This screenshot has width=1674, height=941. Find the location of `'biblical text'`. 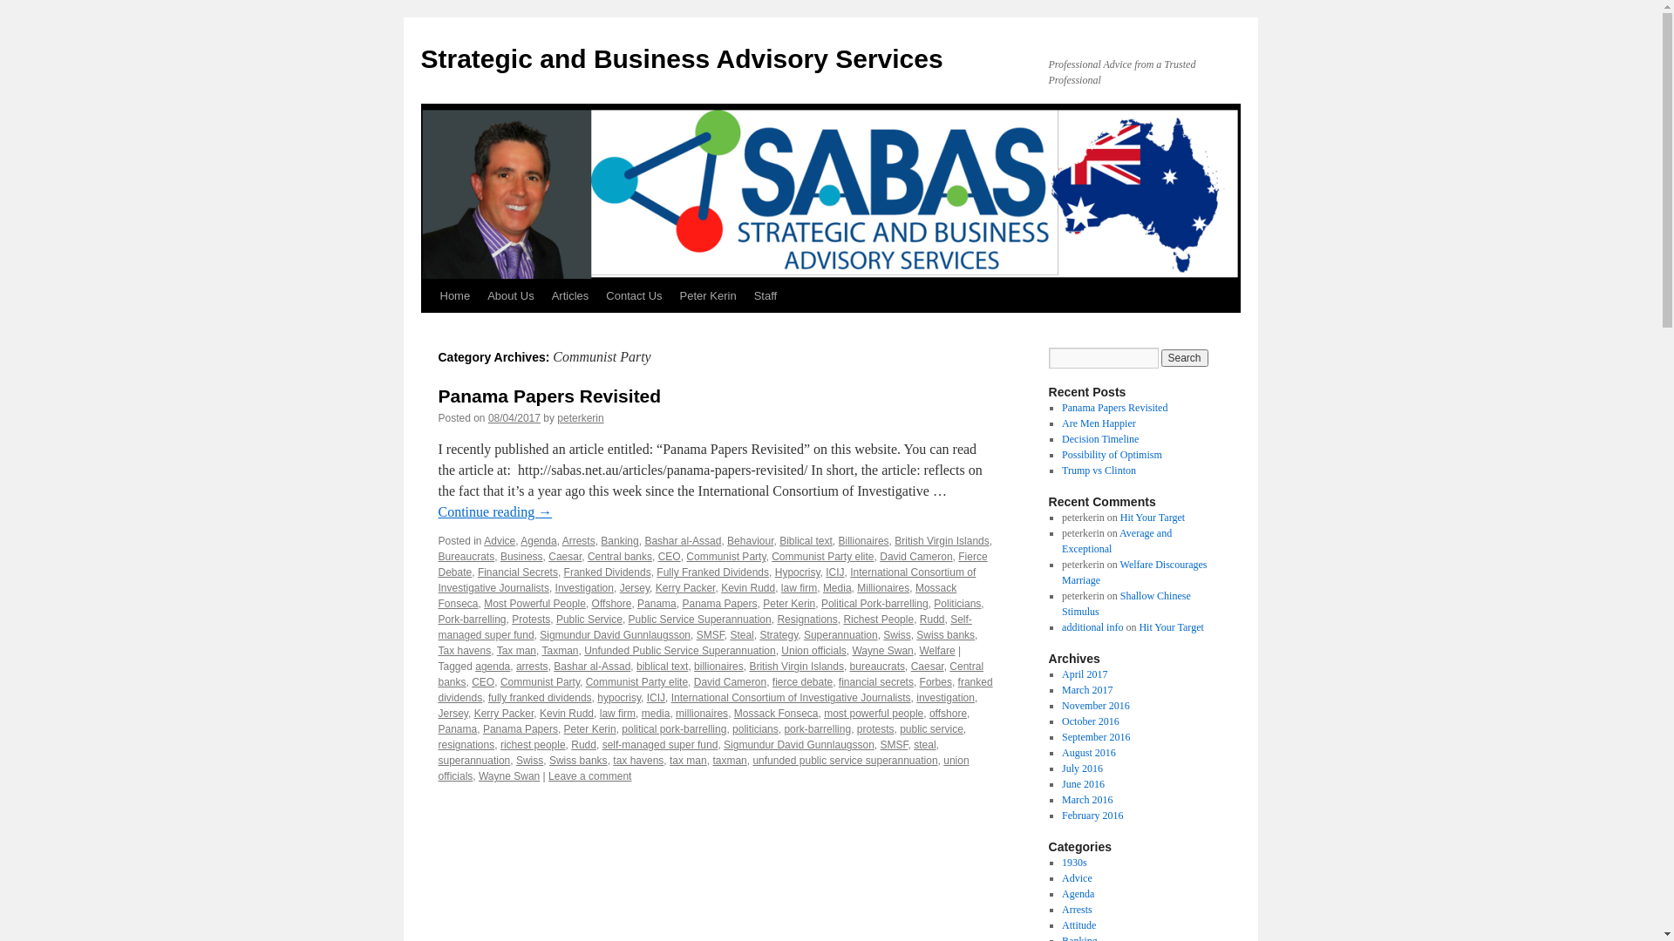

'biblical text' is located at coordinates (661, 666).